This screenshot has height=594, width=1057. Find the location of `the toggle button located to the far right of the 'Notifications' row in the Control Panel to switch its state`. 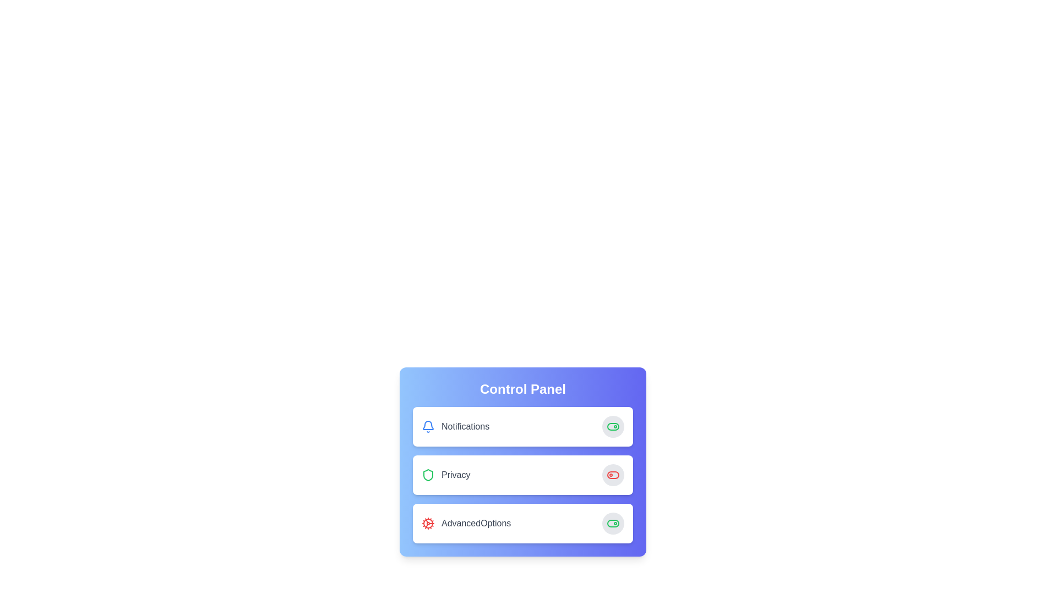

the toggle button located to the far right of the 'Notifications' row in the Control Panel to switch its state is located at coordinates (612, 426).